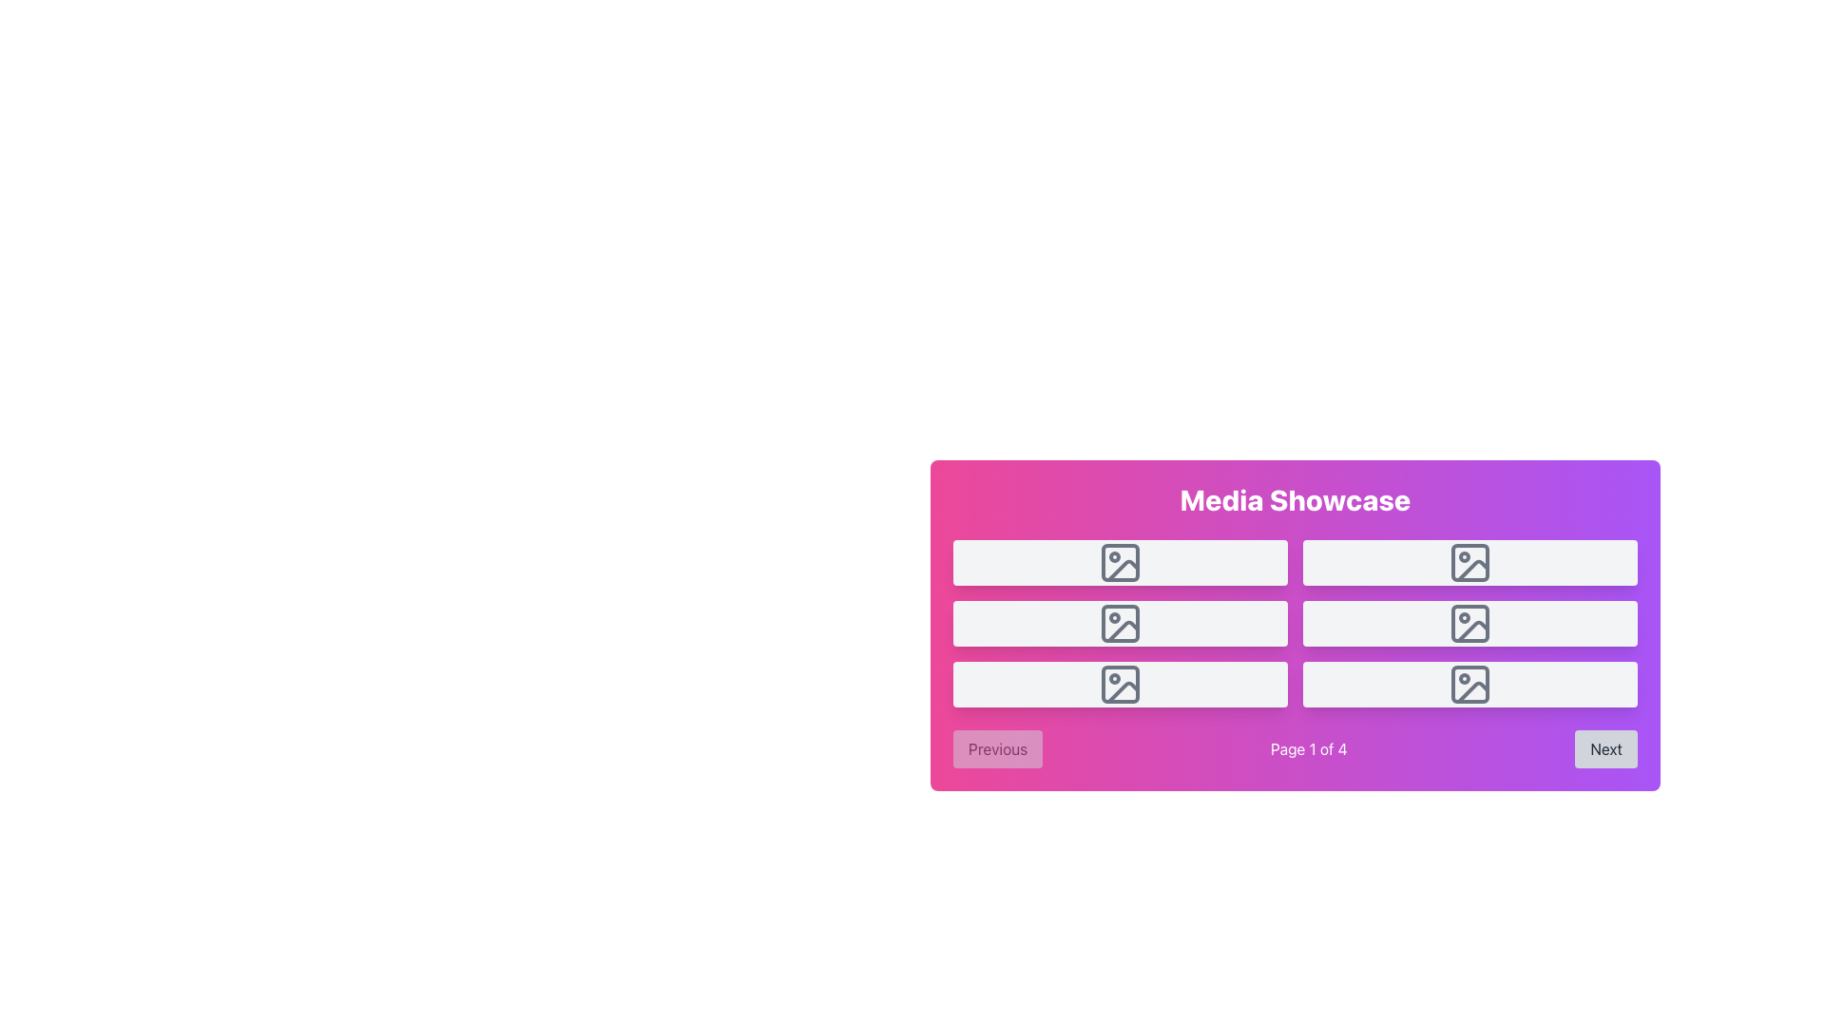  What do you see at coordinates (1469, 561) in the screenshot?
I see `the gray outlined icon resembling an image thumbnail with rounded corners, located in the 'Media Showcase' section and associated with the label 'Image #2'` at bounding box center [1469, 561].